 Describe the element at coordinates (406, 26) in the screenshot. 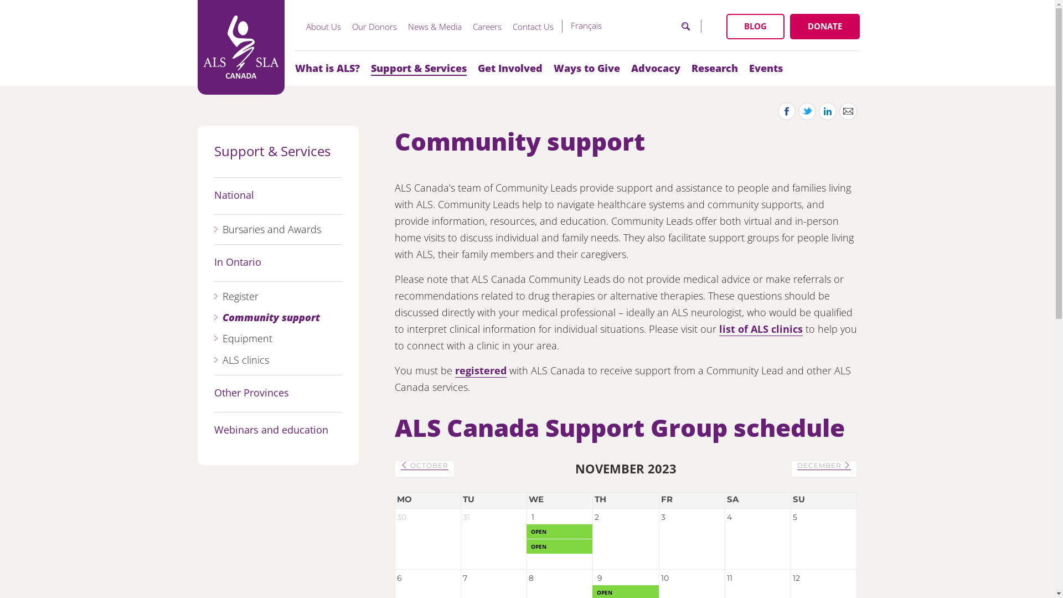

I see `'News & Media'` at that location.